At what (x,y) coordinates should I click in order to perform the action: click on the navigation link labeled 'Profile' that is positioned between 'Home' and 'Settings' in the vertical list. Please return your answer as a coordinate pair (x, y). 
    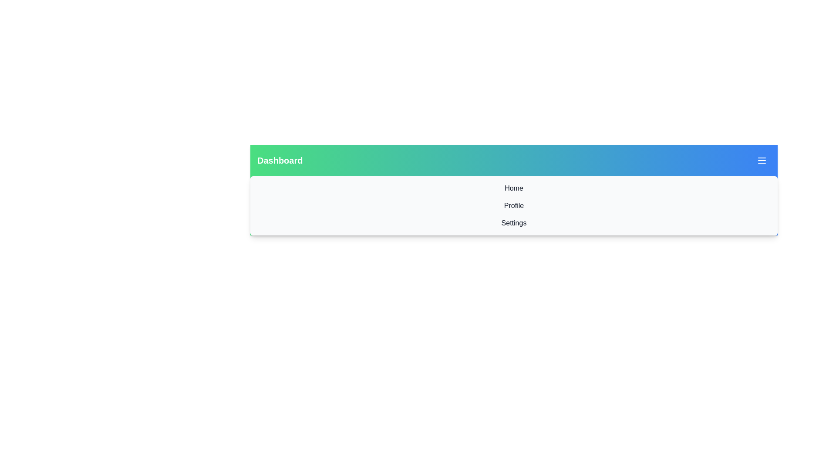
    Looking at the image, I should click on (514, 206).